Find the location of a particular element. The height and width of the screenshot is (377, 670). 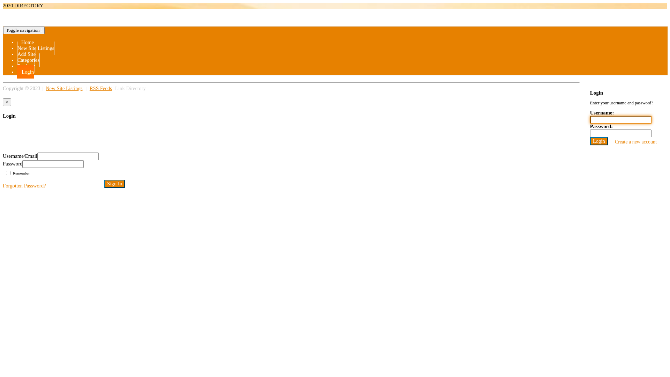

'password' is located at coordinates (53, 164).